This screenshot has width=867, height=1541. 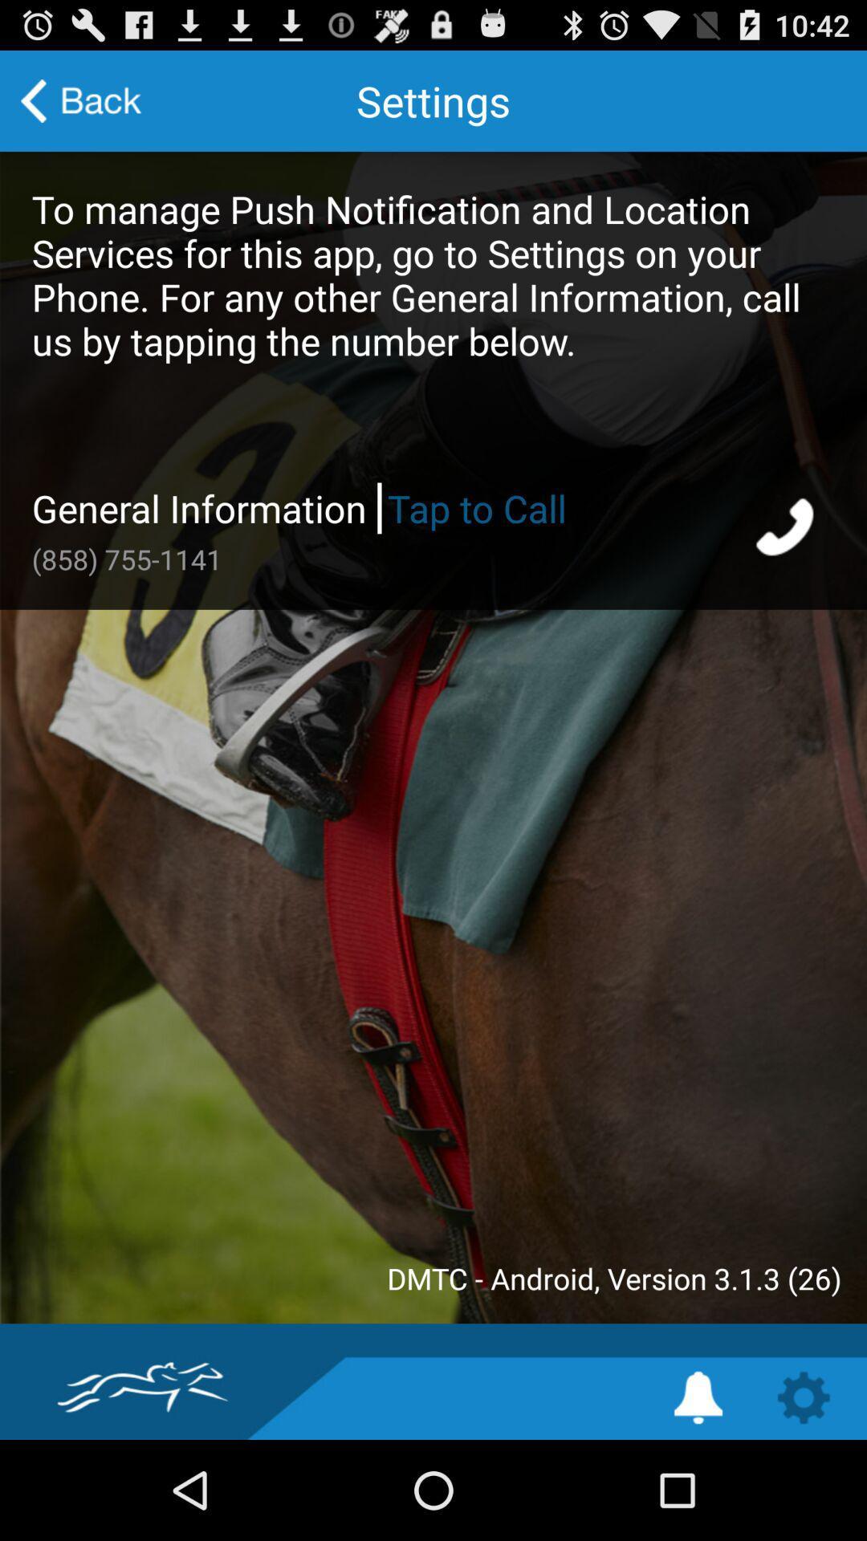 What do you see at coordinates (804, 1494) in the screenshot?
I see `the settings icon` at bounding box center [804, 1494].